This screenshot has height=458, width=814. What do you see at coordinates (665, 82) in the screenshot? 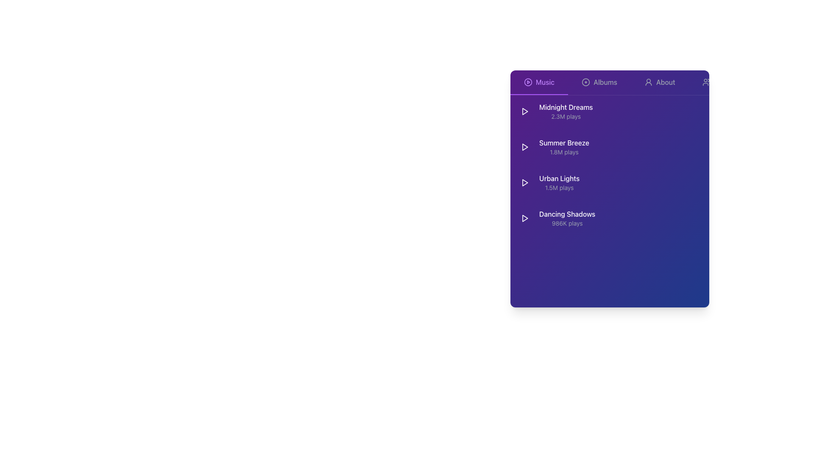
I see `the 'About' text label located in the navigation bar at the top of the panel, which has a purple background and light gray text` at bounding box center [665, 82].